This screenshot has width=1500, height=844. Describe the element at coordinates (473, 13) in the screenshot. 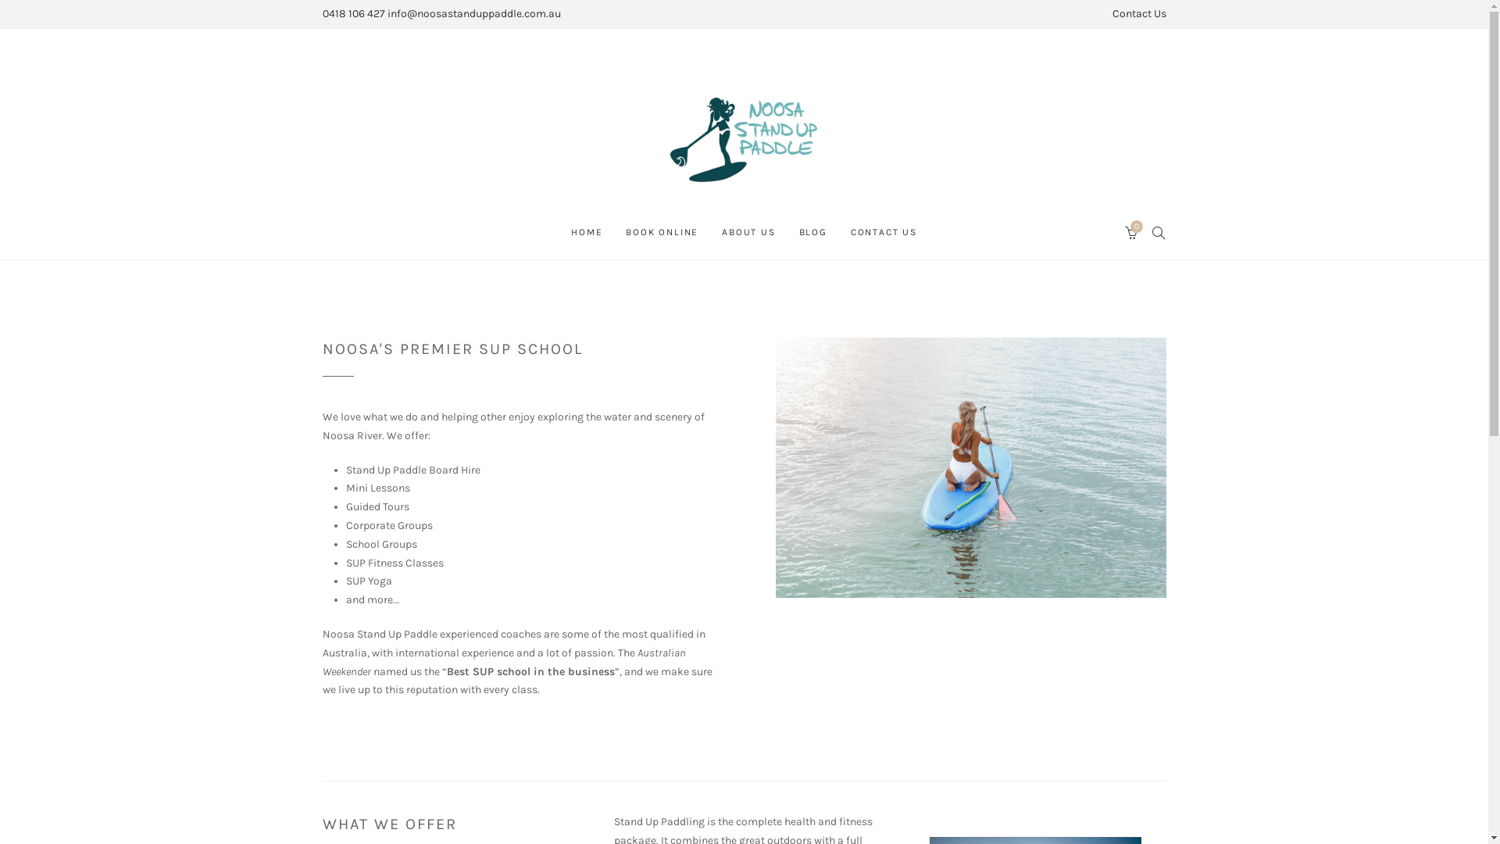

I see `'info@noosastanduppaddle.com.au'` at that location.